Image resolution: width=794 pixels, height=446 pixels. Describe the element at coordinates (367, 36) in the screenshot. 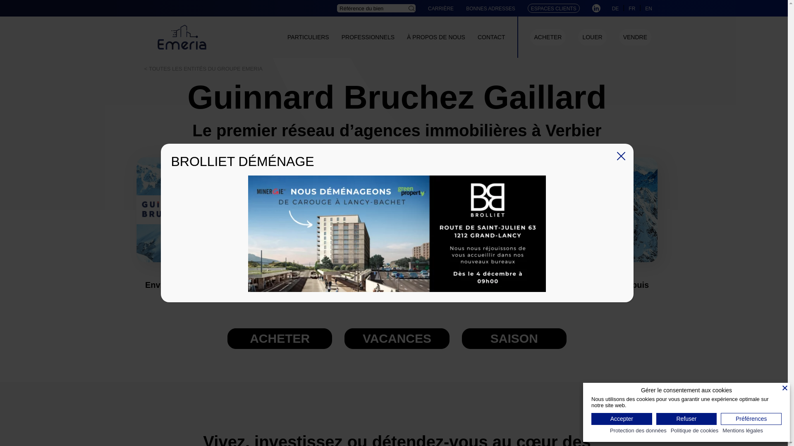

I see `'PROFESSIONNELS'` at that location.